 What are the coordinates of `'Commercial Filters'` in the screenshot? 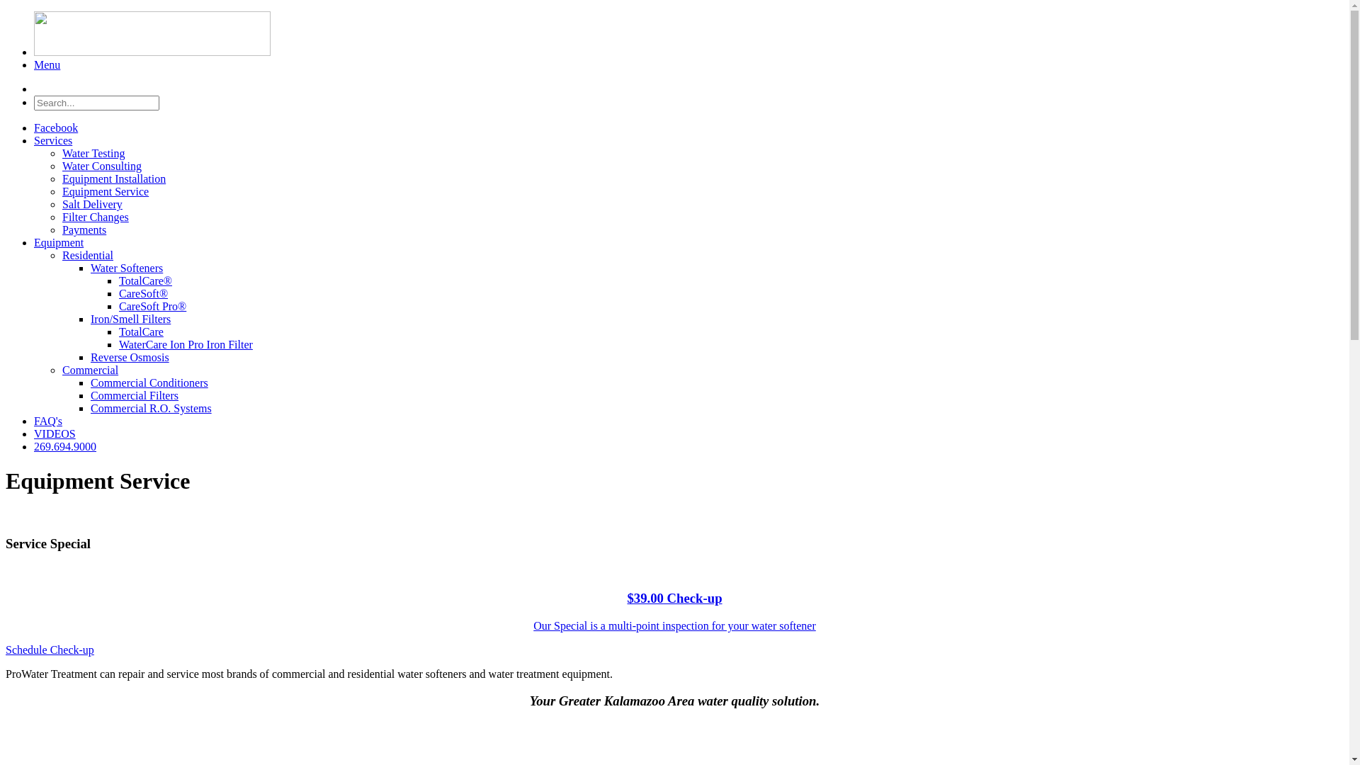 It's located at (135, 395).